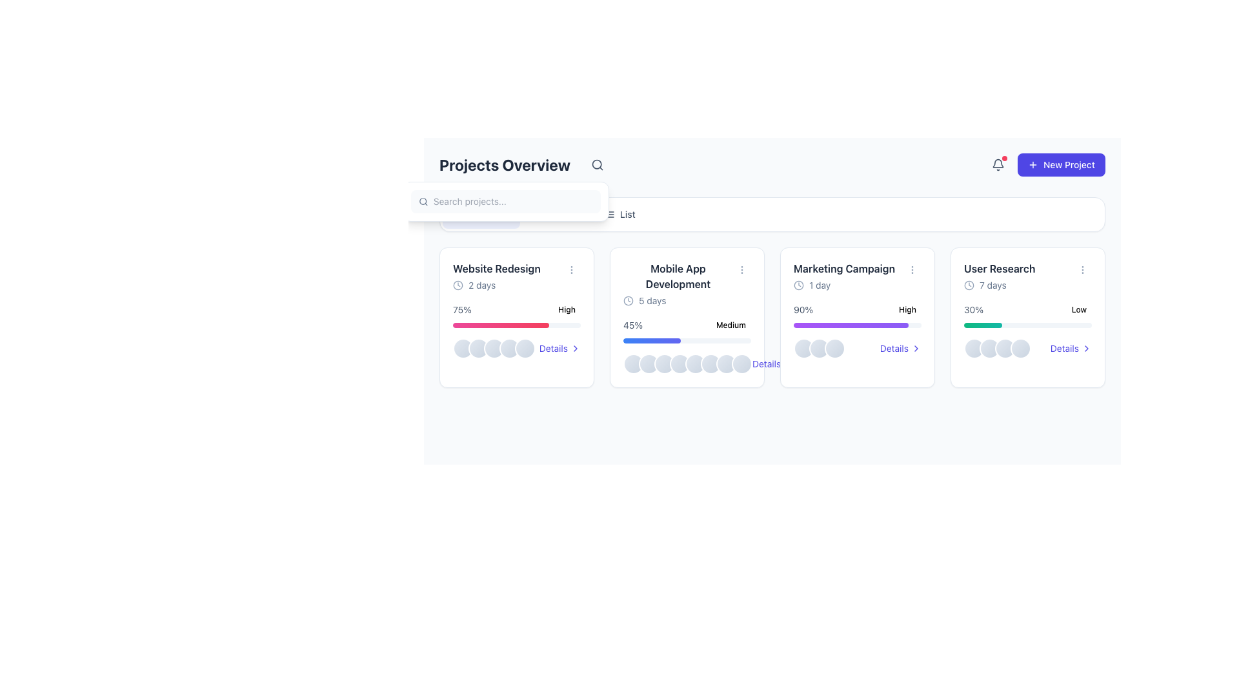  Describe the element at coordinates (1046, 164) in the screenshot. I see `the prominent blue button labeled 'New Project' with a plus sign icon to initiate the new project creation process` at that location.